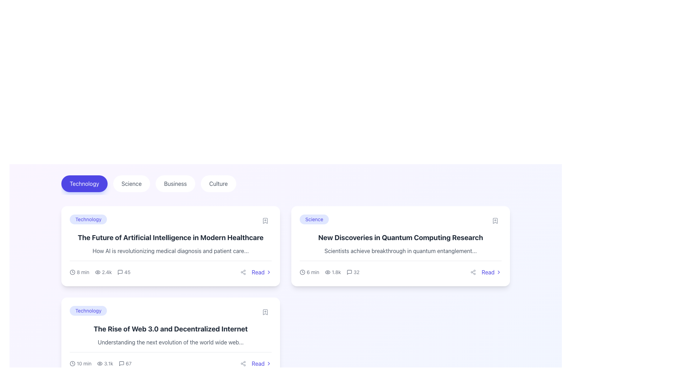 The height and width of the screenshot is (378, 673). What do you see at coordinates (72, 363) in the screenshot?
I see `the circular graphic element of the icon, which is part of the design associated with the text '10 min' below the title 'The Rise of Web 3.0 and Decentralized Internet'` at bounding box center [72, 363].